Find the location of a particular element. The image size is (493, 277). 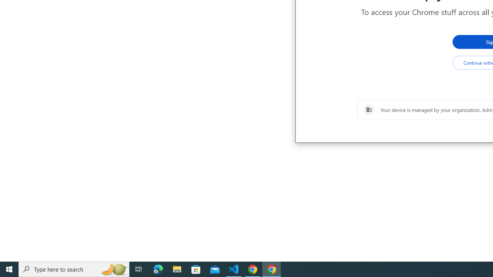

'Type here to search' is located at coordinates (74, 269).